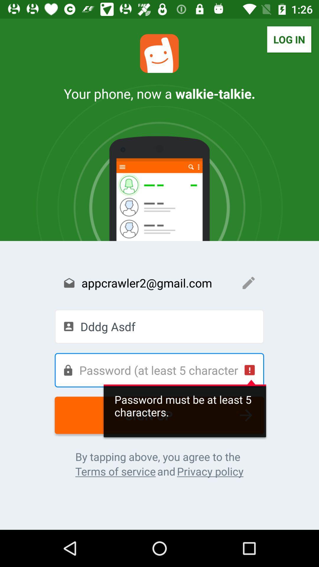 The height and width of the screenshot is (567, 319). Describe the element at coordinates (289, 39) in the screenshot. I see `log in` at that location.